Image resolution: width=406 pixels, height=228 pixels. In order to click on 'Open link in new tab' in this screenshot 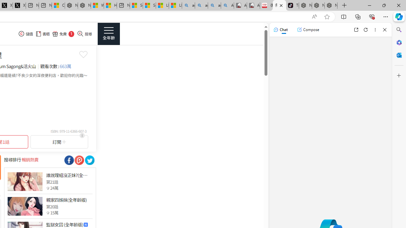, I will do `click(356, 29)`.